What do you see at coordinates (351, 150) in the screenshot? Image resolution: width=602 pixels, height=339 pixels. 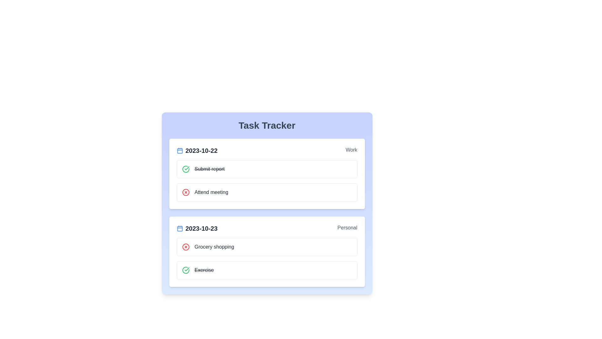 I see `the category label Work to filter tasks by that category` at bounding box center [351, 150].